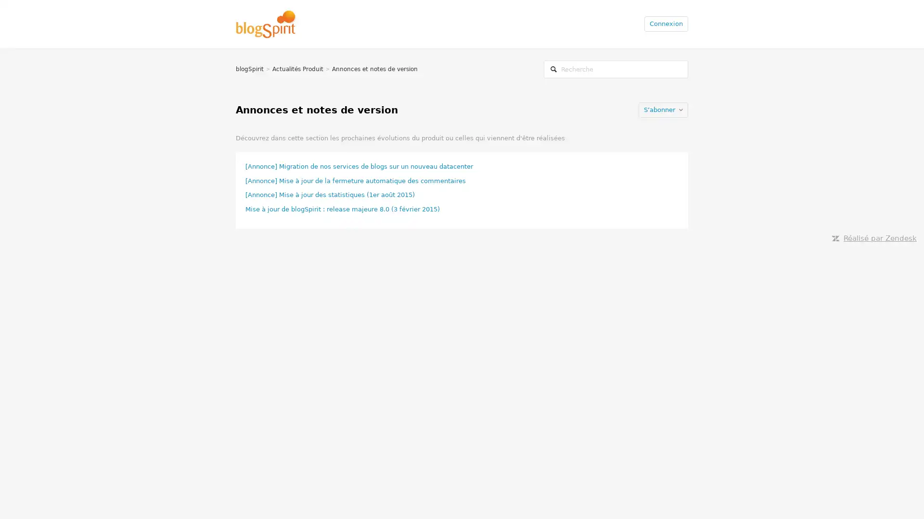 The width and height of the screenshot is (924, 519). What do you see at coordinates (666, 23) in the screenshot?
I see `Connexion` at bounding box center [666, 23].